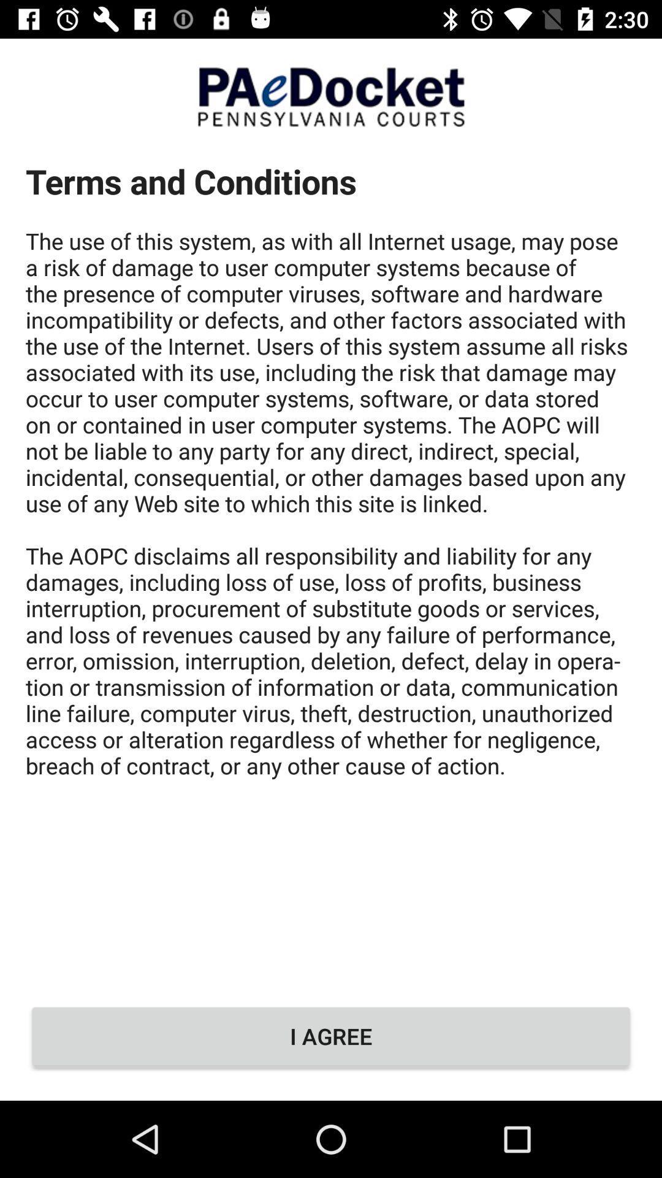  Describe the element at coordinates (331, 563) in the screenshot. I see `the terms and conditions icon` at that location.